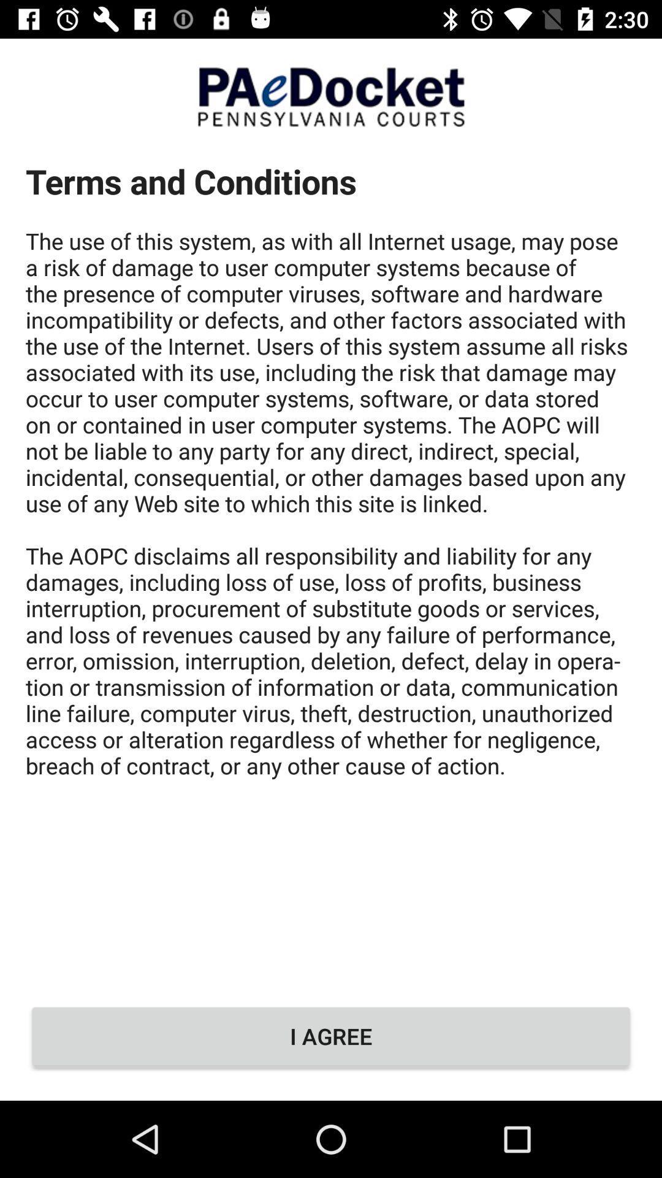  Describe the element at coordinates (331, 563) in the screenshot. I see `the terms and conditions icon` at that location.